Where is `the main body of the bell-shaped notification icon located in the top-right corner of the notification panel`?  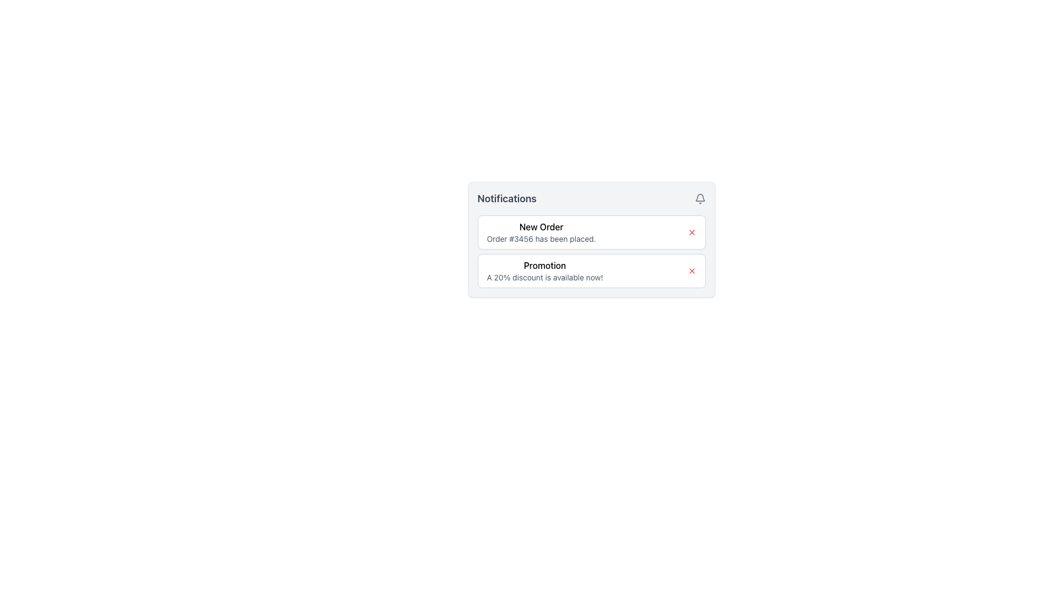 the main body of the bell-shaped notification icon located in the top-right corner of the notification panel is located at coordinates (699, 197).